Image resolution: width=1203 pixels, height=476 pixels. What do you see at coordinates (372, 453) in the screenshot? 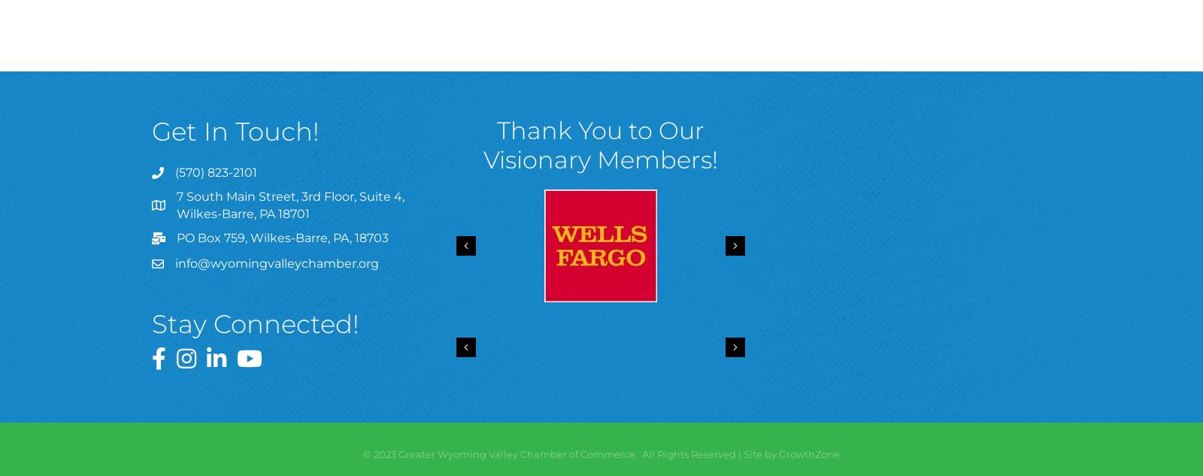
I see `'2023'` at bounding box center [372, 453].